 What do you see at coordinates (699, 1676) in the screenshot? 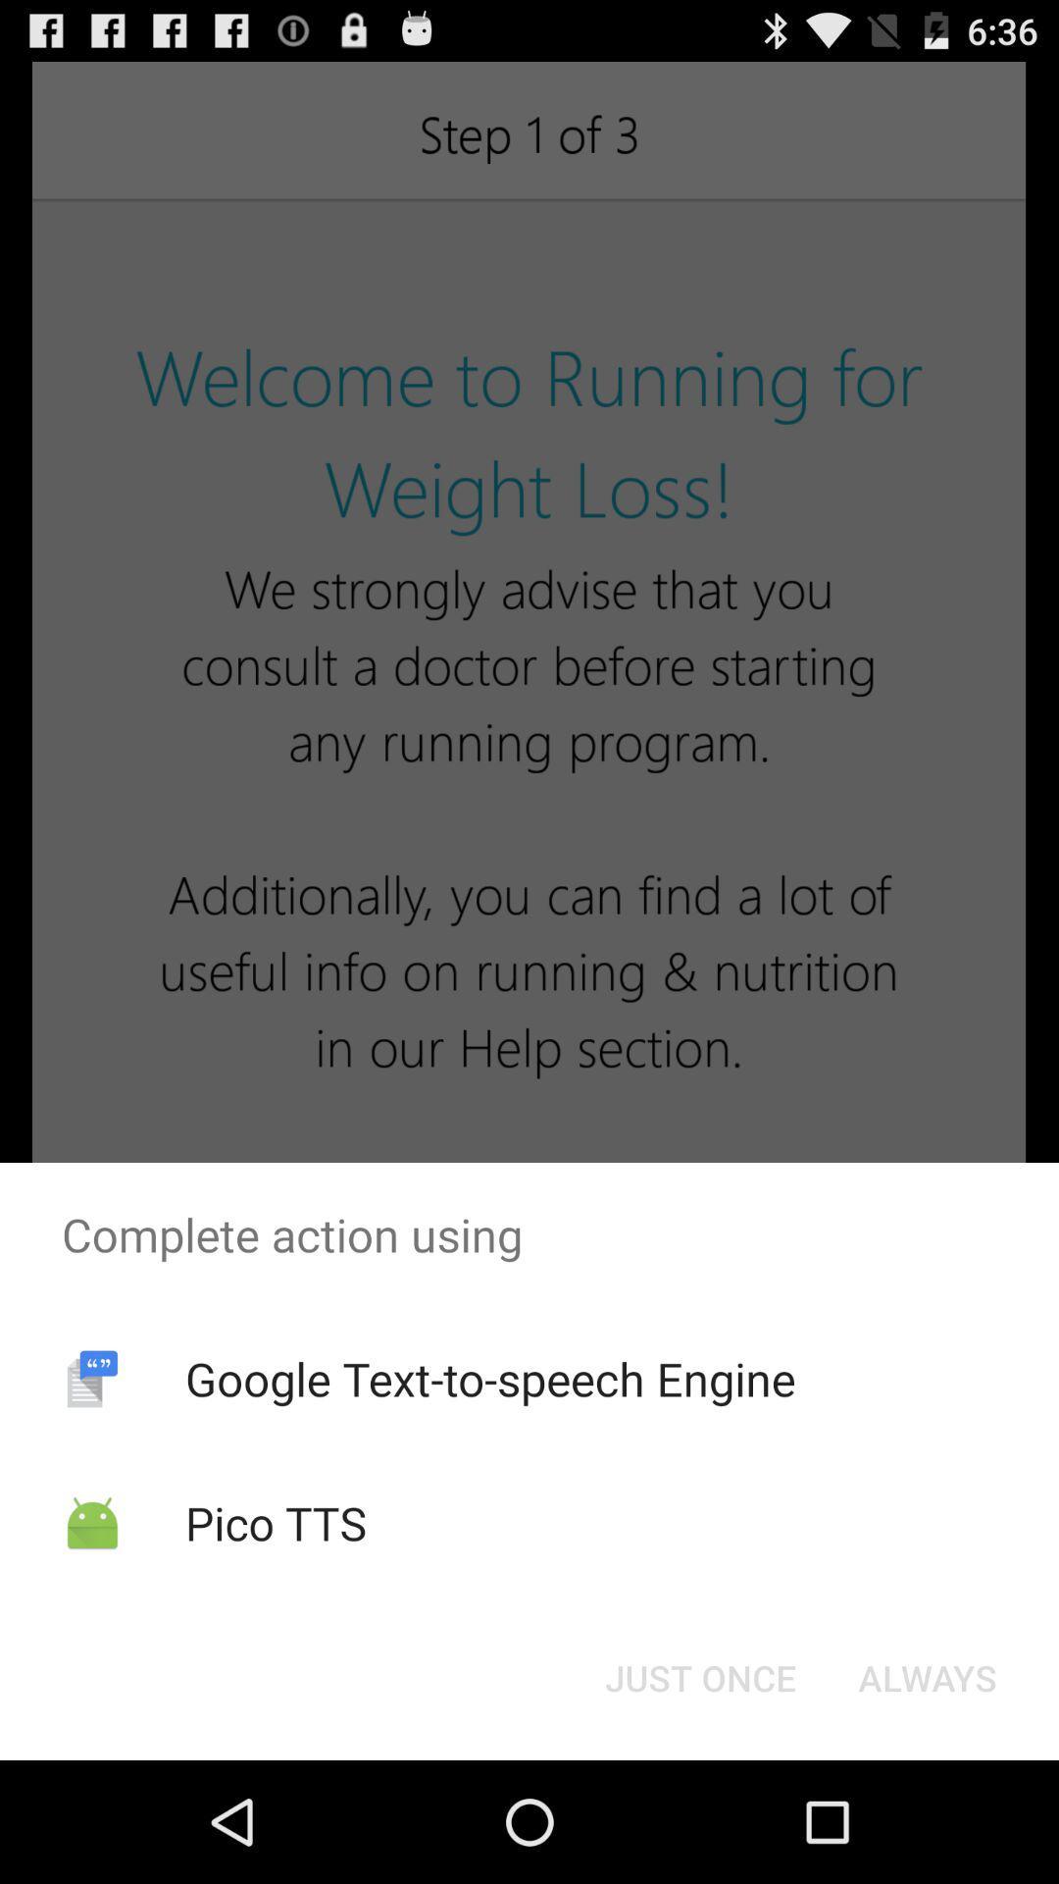
I see `just once icon` at bounding box center [699, 1676].